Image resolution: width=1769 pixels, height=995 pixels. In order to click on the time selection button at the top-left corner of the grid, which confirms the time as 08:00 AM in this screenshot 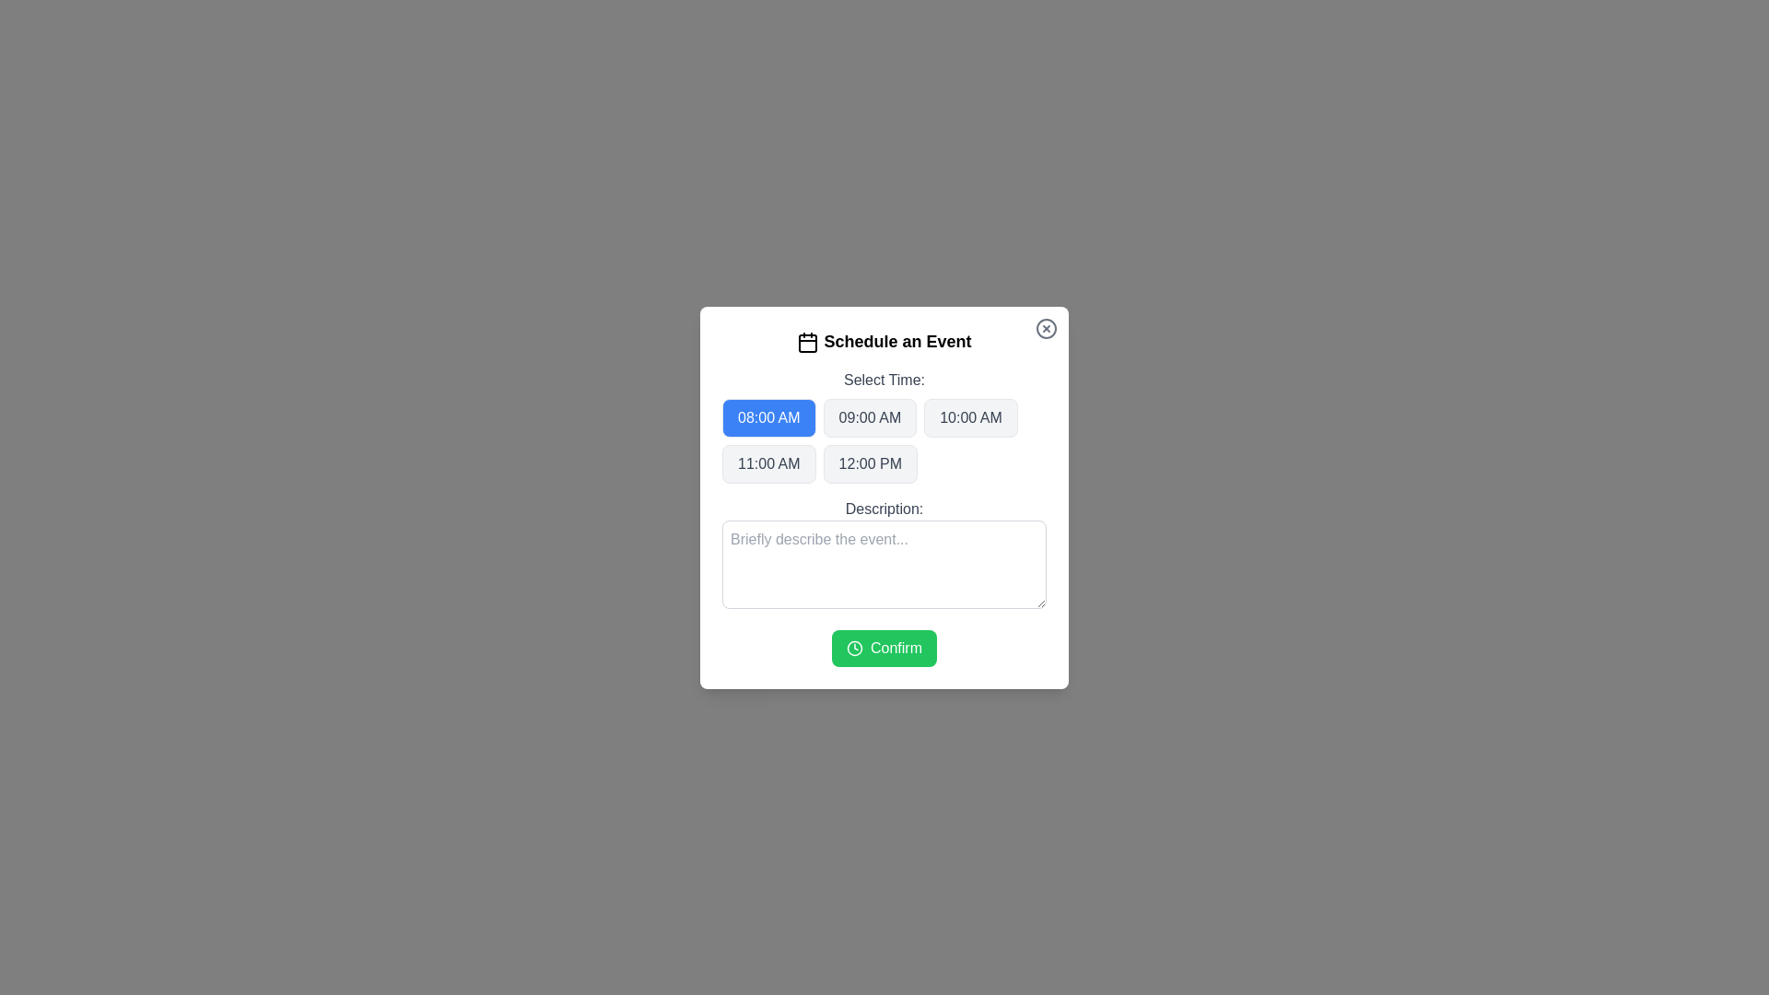, I will do `click(768, 417)`.